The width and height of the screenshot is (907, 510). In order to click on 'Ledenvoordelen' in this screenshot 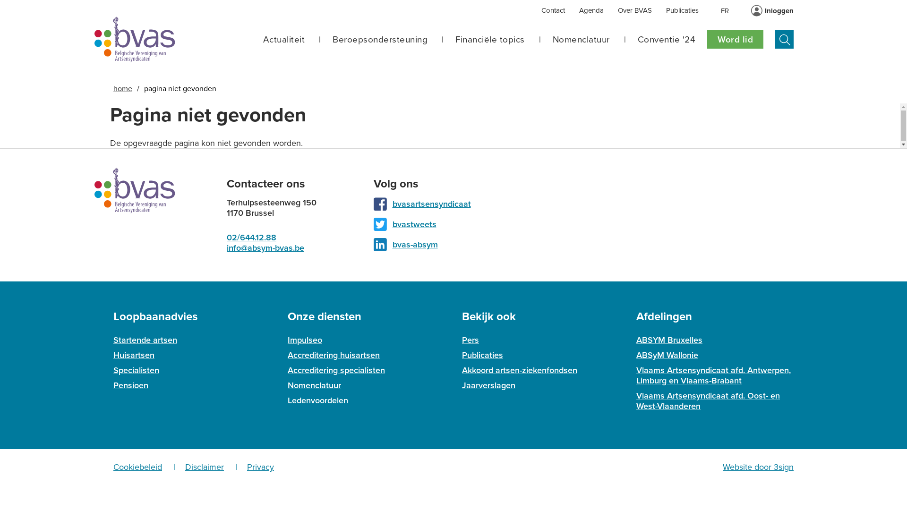, I will do `click(317, 400)`.